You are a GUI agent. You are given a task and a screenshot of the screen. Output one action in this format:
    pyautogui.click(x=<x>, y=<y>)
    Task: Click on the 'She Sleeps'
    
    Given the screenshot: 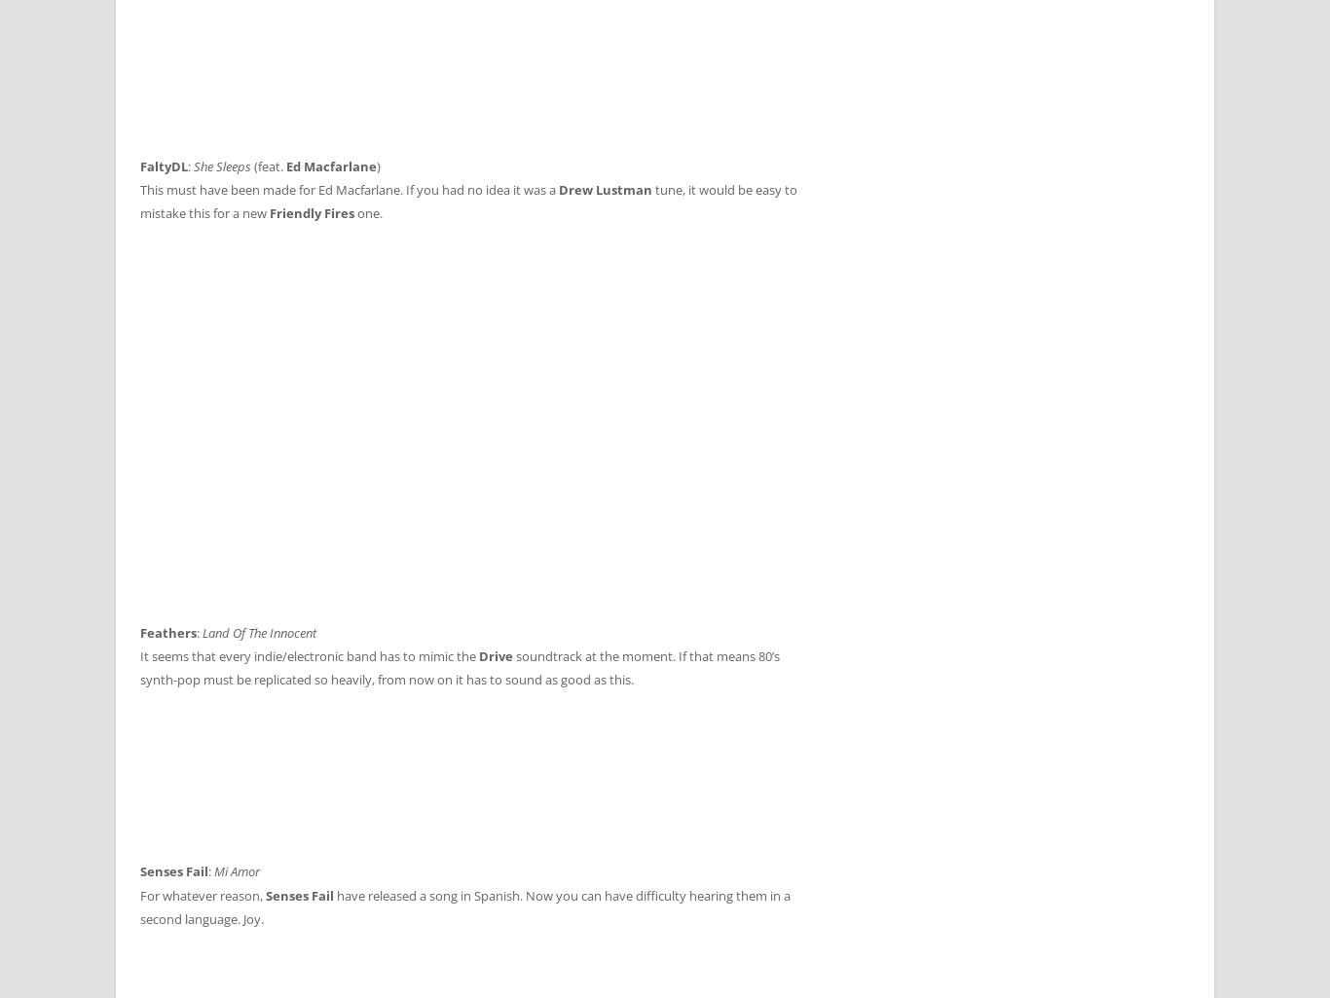 What is the action you would take?
    pyautogui.click(x=193, y=165)
    